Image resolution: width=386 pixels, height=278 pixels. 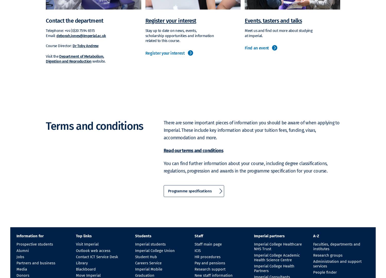 What do you see at coordinates (328, 255) in the screenshot?
I see `'Research groups'` at bounding box center [328, 255].